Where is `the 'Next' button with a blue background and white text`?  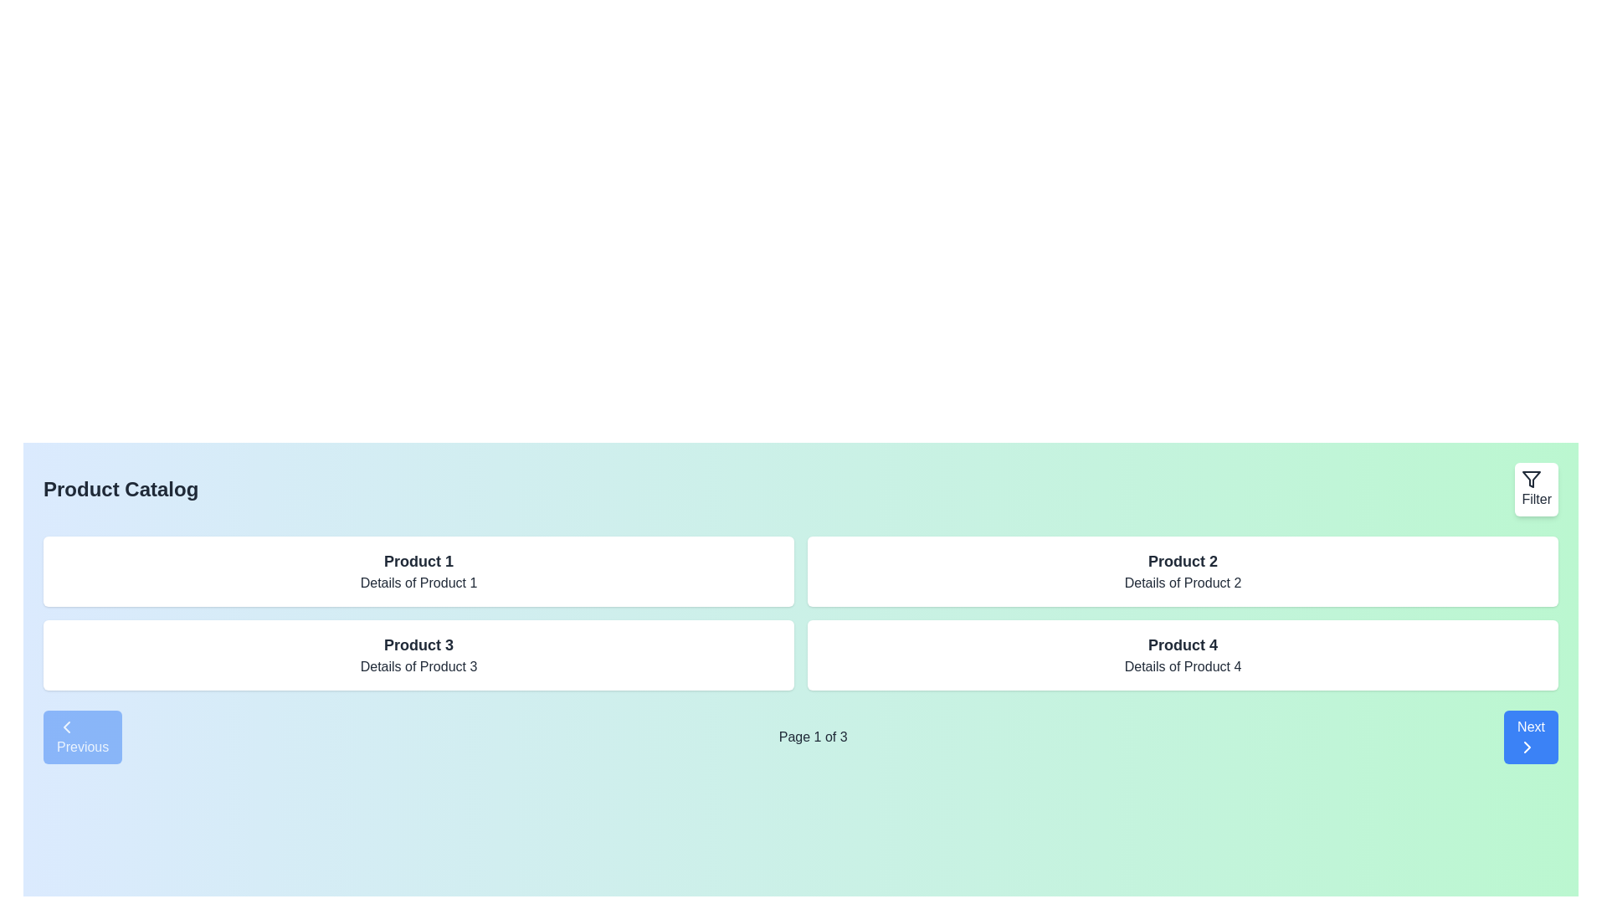
the 'Next' button with a blue background and white text is located at coordinates (1531, 736).